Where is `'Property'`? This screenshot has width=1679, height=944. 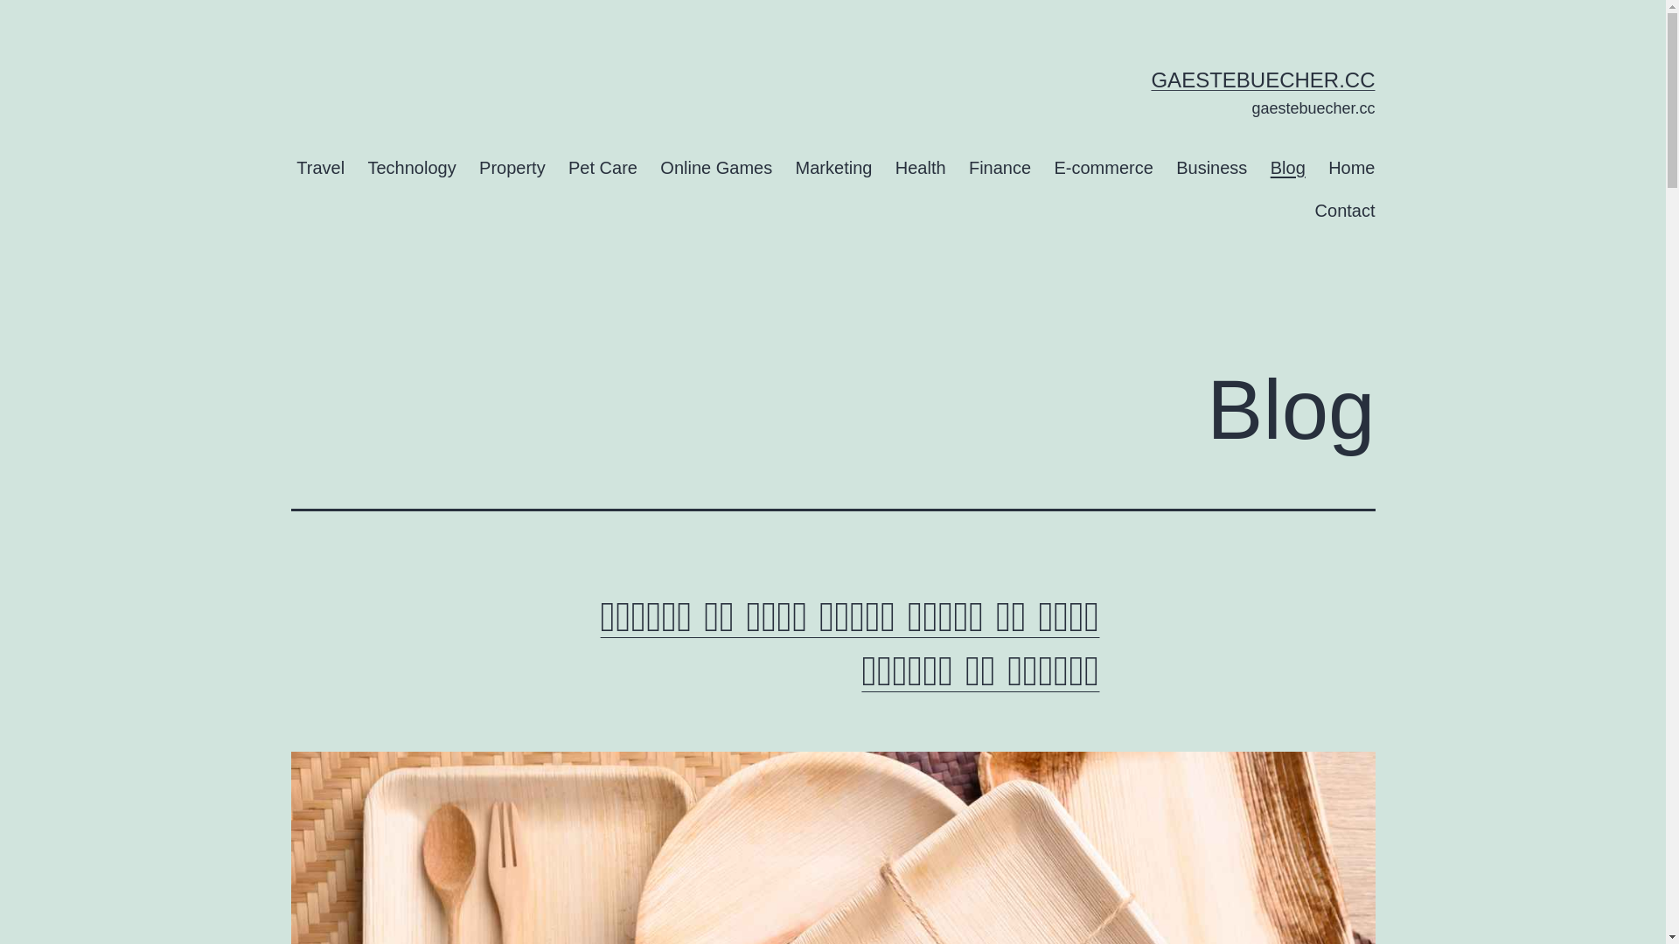 'Property' is located at coordinates (467, 167).